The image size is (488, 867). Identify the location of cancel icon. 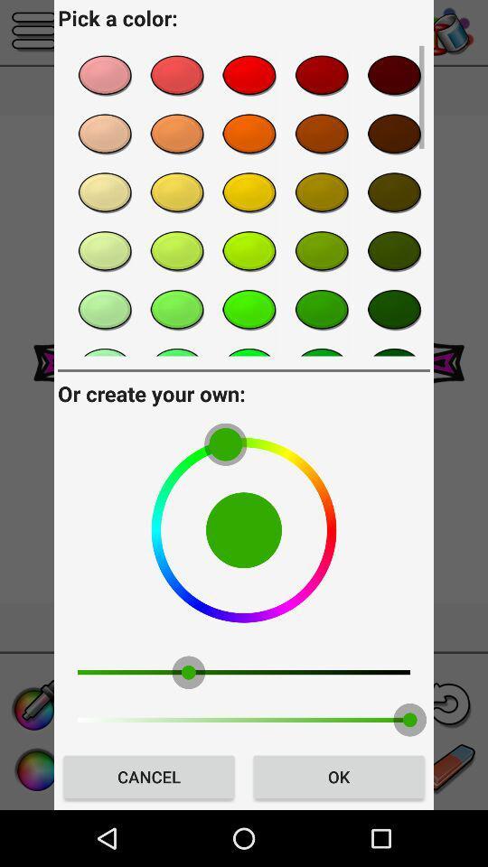
(148, 776).